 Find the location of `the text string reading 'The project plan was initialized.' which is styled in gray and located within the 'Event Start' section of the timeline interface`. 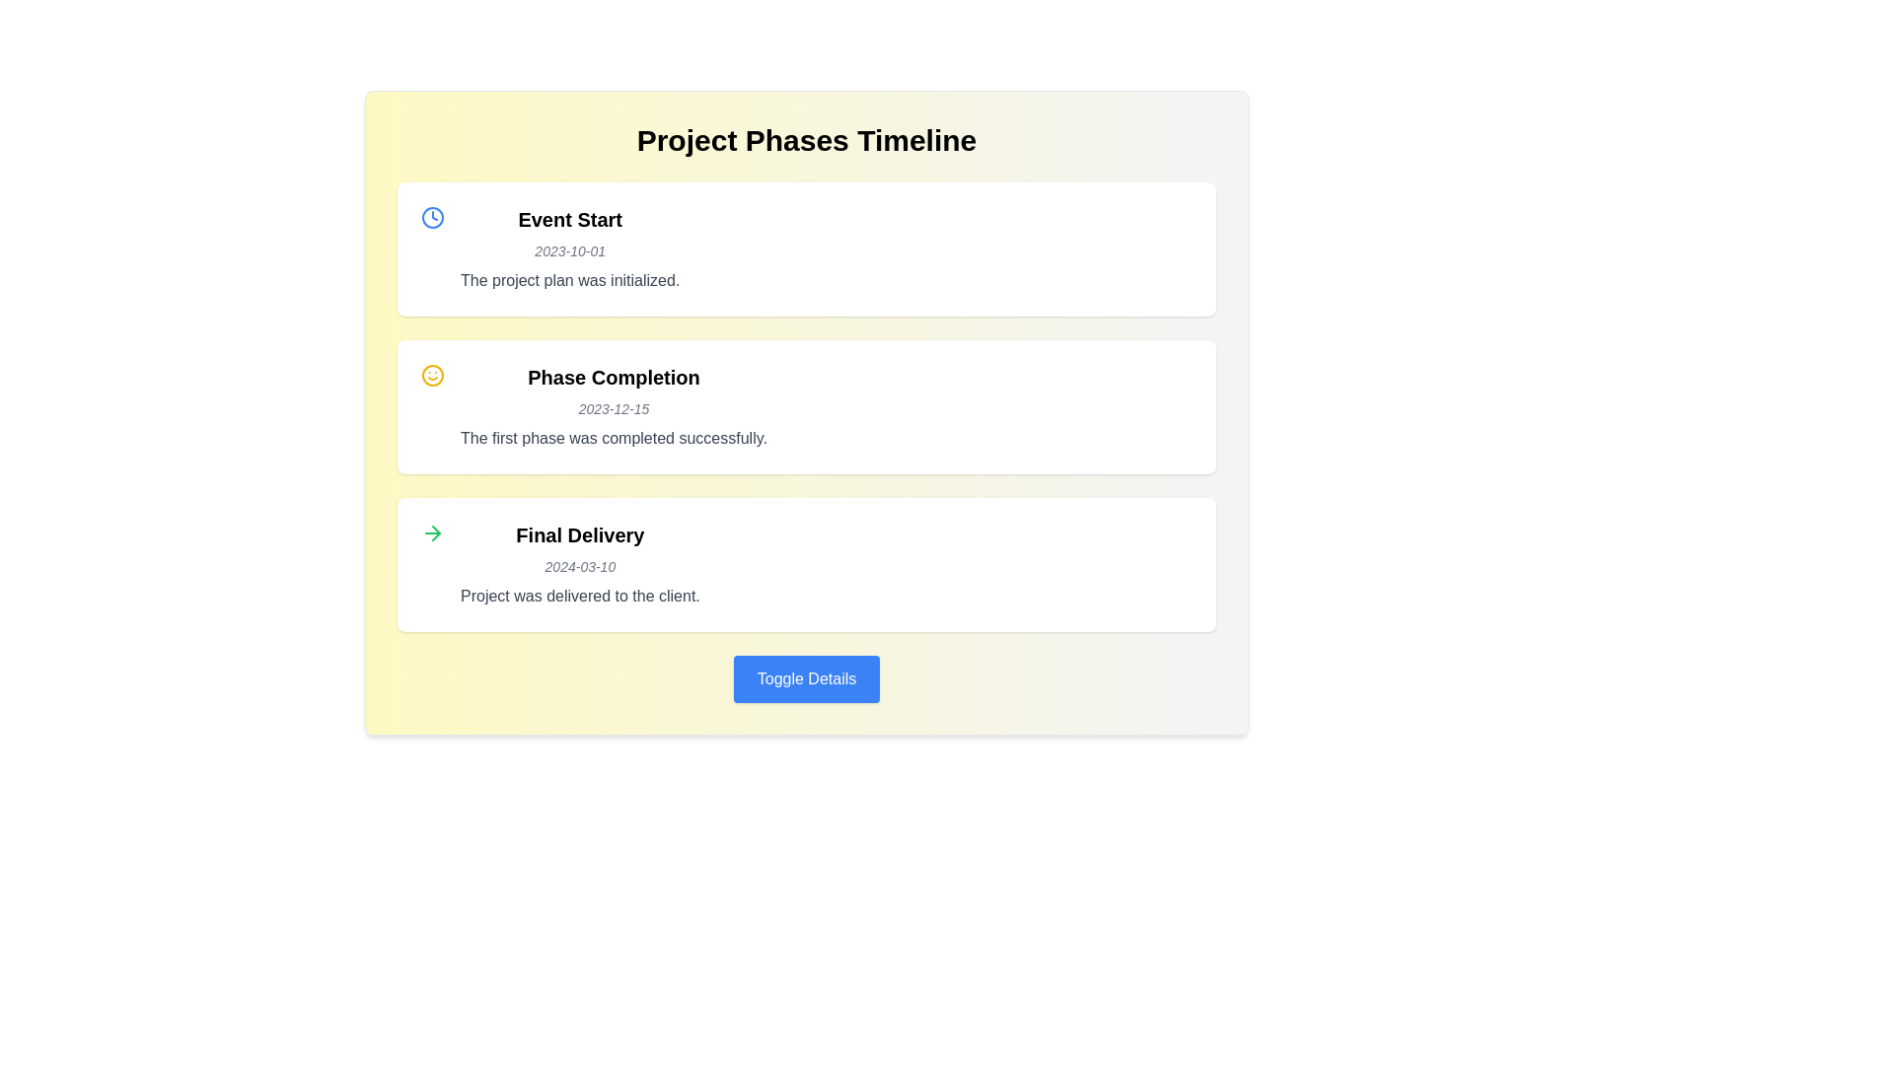

the text string reading 'The project plan was initialized.' which is styled in gray and located within the 'Event Start' section of the timeline interface is located at coordinates (569, 281).